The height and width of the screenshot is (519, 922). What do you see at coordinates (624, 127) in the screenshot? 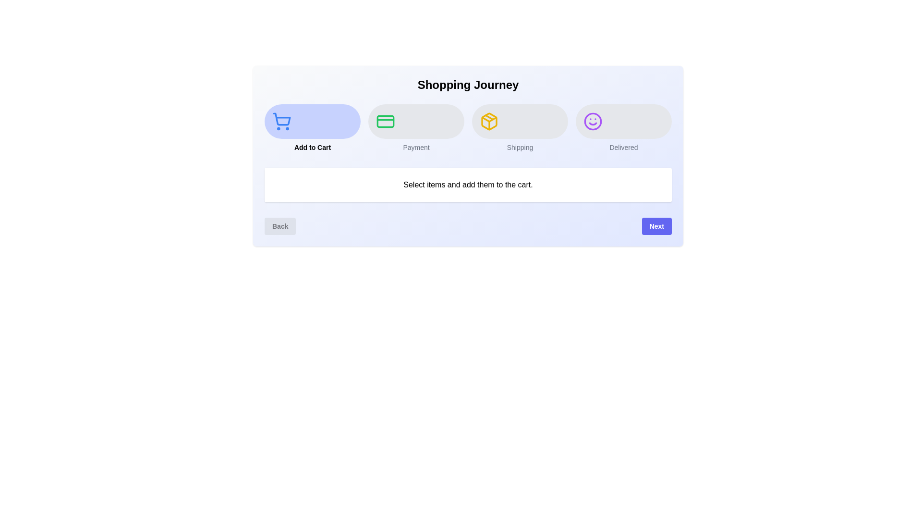
I see `the step indicator corresponding to Delivered` at bounding box center [624, 127].